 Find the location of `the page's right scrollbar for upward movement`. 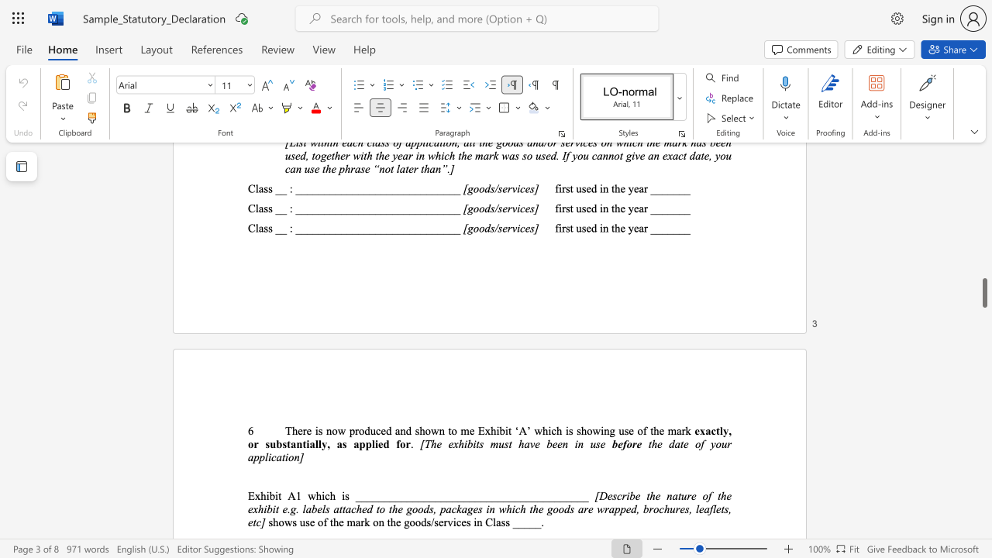

the page's right scrollbar for upward movement is located at coordinates (983, 192).